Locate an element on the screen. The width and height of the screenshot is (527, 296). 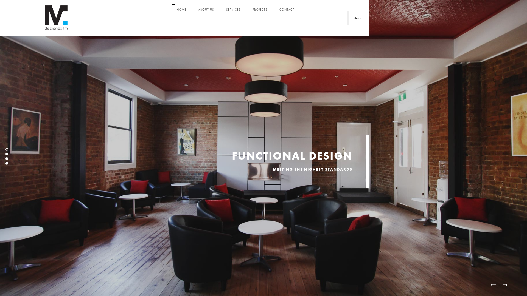
'HOME' is located at coordinates (181, 10).